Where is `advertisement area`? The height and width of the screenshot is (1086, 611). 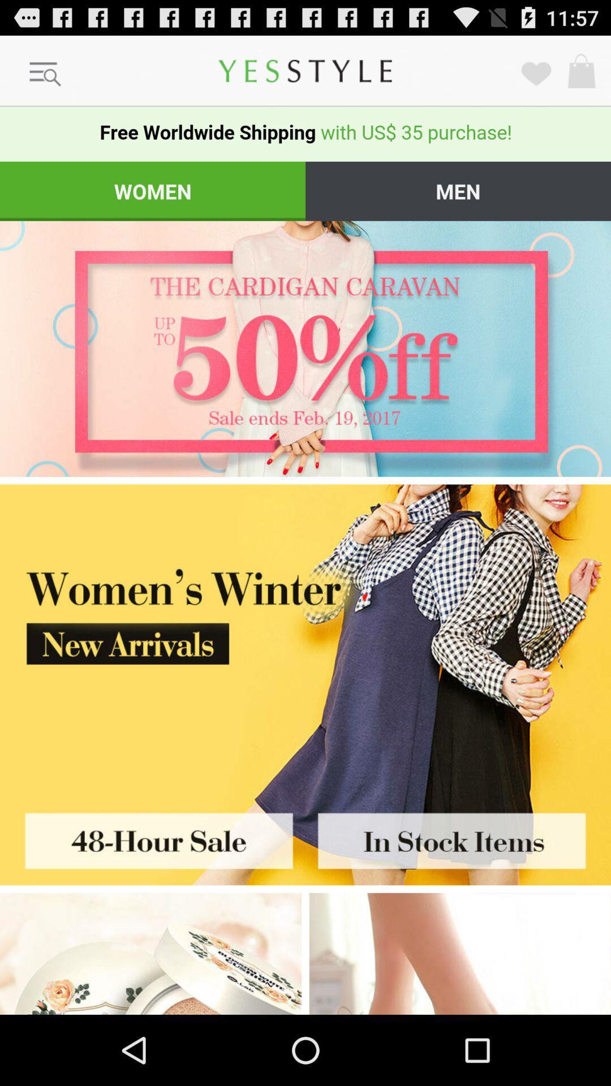
advertisement area is located at coordinates (460, 953).